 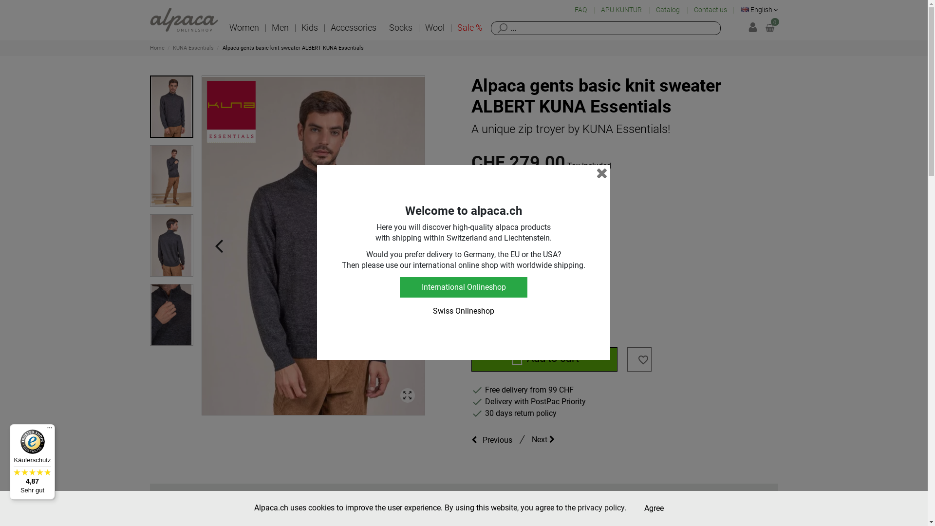 I want to click on 'International Onlineshop', so click(x=463, y=287).